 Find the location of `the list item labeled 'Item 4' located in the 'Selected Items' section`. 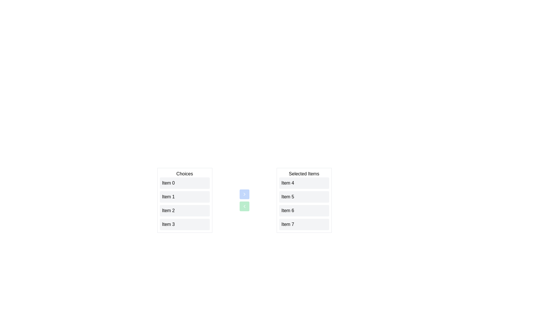

the list item labeled 'Item 4' located in the 'Selected Items' section is located at coordinates (304, 183).